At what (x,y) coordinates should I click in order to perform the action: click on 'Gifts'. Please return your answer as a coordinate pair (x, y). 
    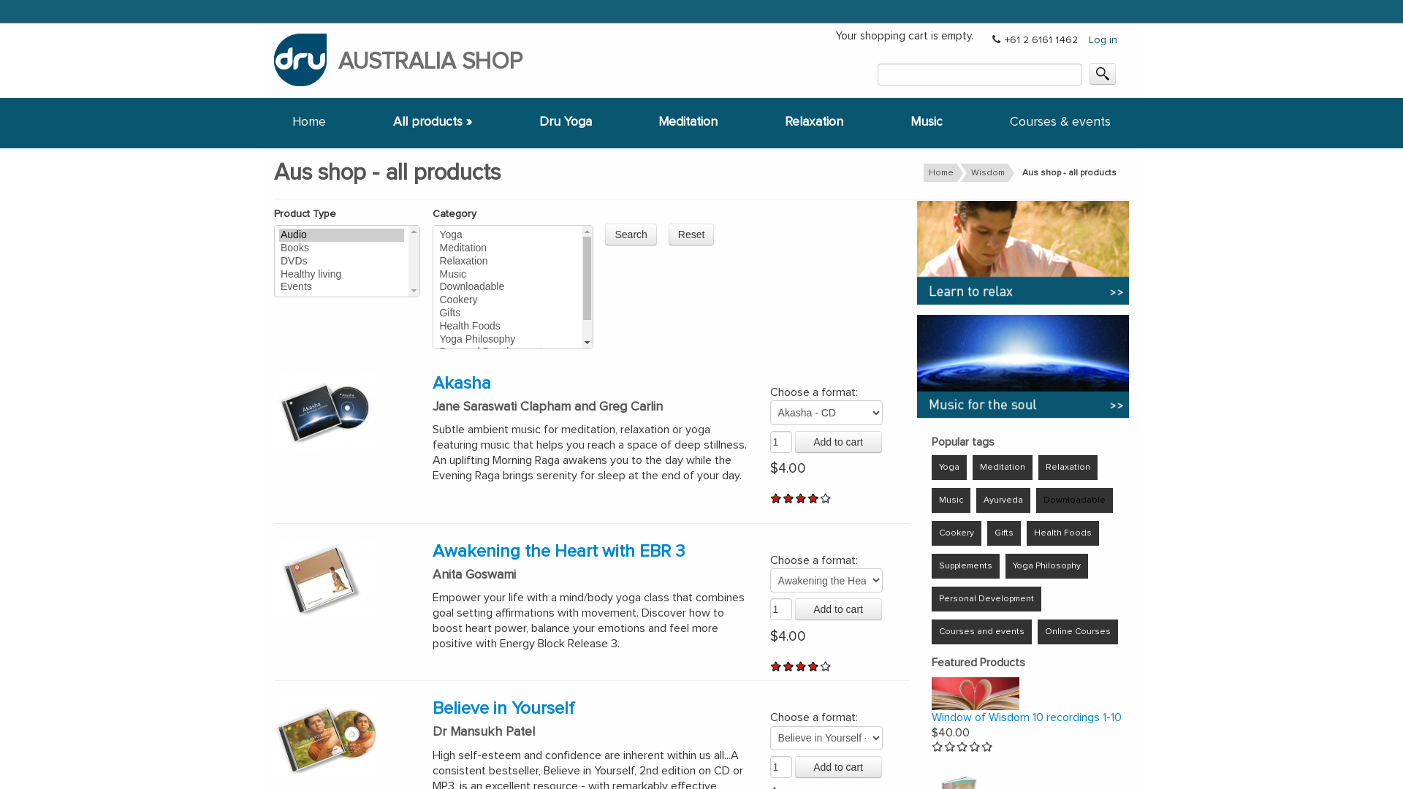
    Looking at the image, I should click on (986, 533).